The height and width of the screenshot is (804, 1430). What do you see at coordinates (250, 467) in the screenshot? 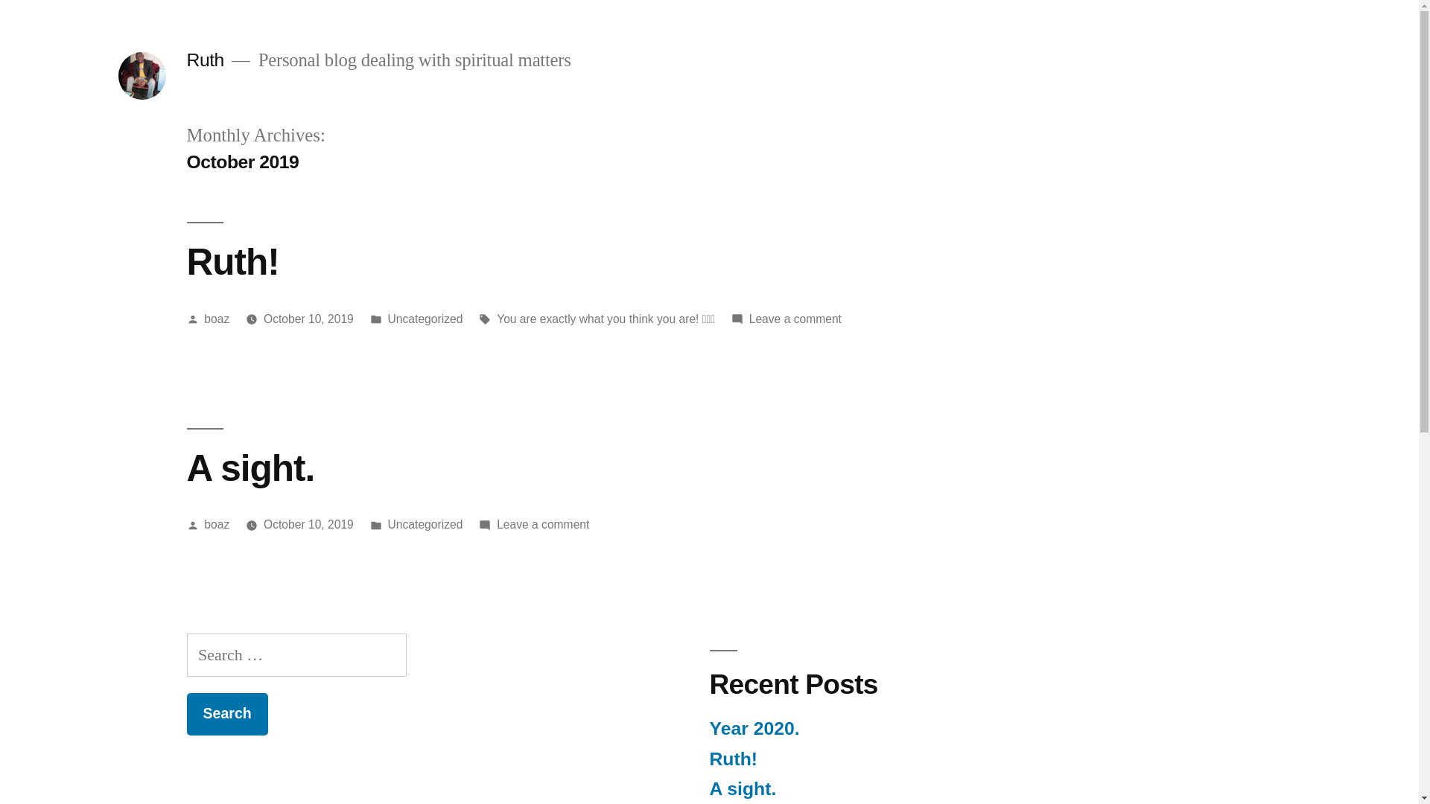
I see `'A sight.'` at bounding box center [250, 467].